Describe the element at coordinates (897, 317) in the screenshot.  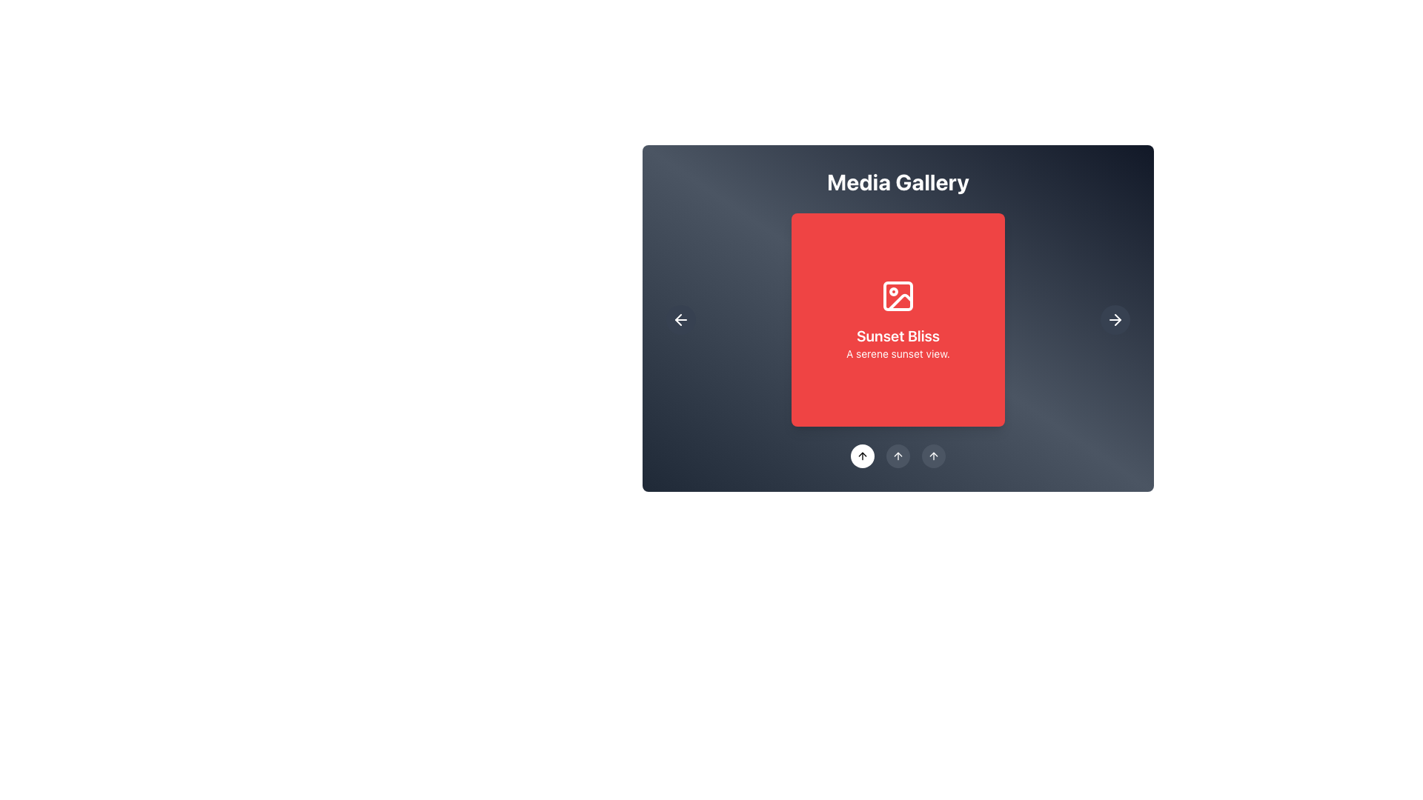
I see `the central content display card titled 'Sunset Bliss' within the media gallery interface to interact with its elements` at that location.